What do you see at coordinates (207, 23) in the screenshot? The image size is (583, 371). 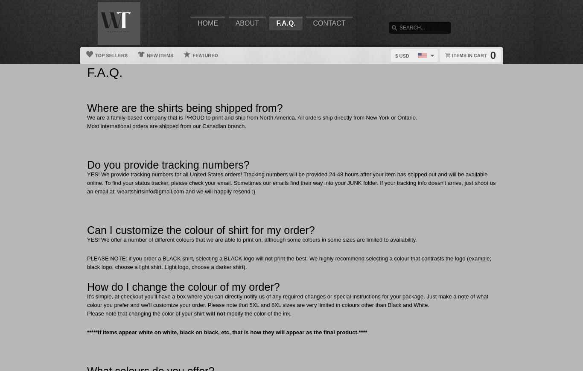 I see `'Home'` at bounding box center [207, 23].